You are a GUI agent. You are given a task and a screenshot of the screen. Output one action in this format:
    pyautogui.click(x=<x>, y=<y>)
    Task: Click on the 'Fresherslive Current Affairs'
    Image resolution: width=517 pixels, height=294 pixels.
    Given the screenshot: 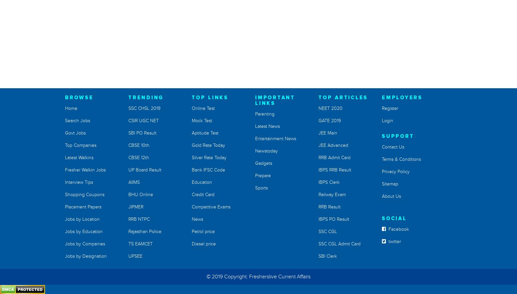 What is the action you would take?
    pyautogui.click(x=249, y=276)
    